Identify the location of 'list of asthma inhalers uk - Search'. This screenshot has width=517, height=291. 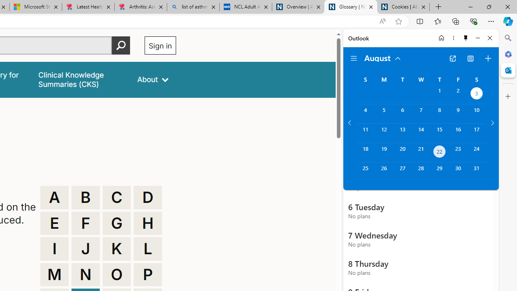
(193, 7).